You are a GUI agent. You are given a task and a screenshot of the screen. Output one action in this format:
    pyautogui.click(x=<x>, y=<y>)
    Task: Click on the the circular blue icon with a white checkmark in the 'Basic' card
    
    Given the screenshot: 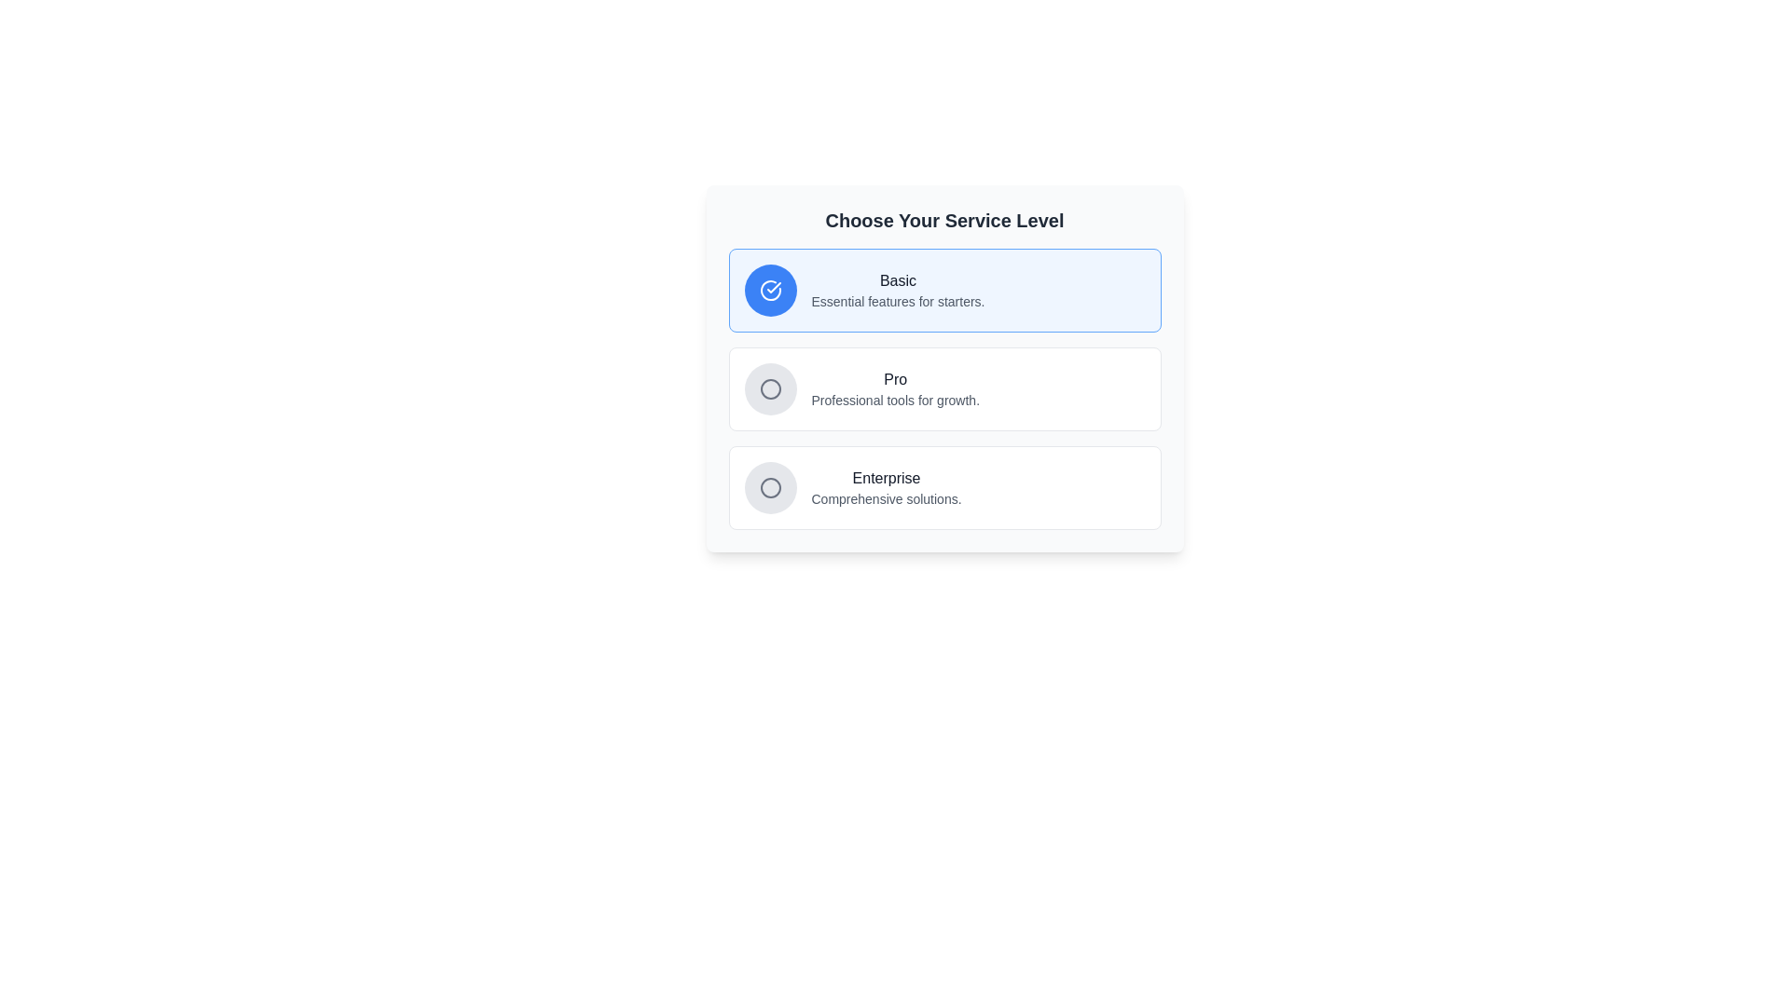 What is the action you would take?
    pyautogui.click(x=770, y=291)
    